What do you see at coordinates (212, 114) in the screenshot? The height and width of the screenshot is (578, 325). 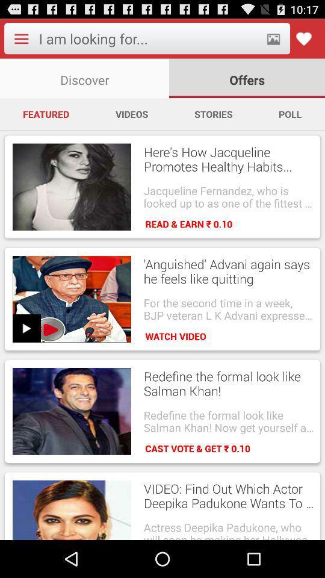 I see `the icon to the left of the poll icon` at bounding box center [212, 114].